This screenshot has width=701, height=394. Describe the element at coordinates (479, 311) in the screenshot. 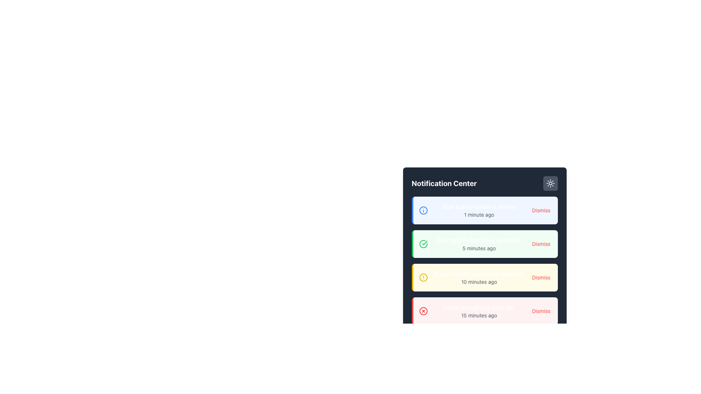

I see `informational feedback text displayed in the notification card about the upload failure, which is located at the bottom of the notification list in the 'Notification Center'` at that location.